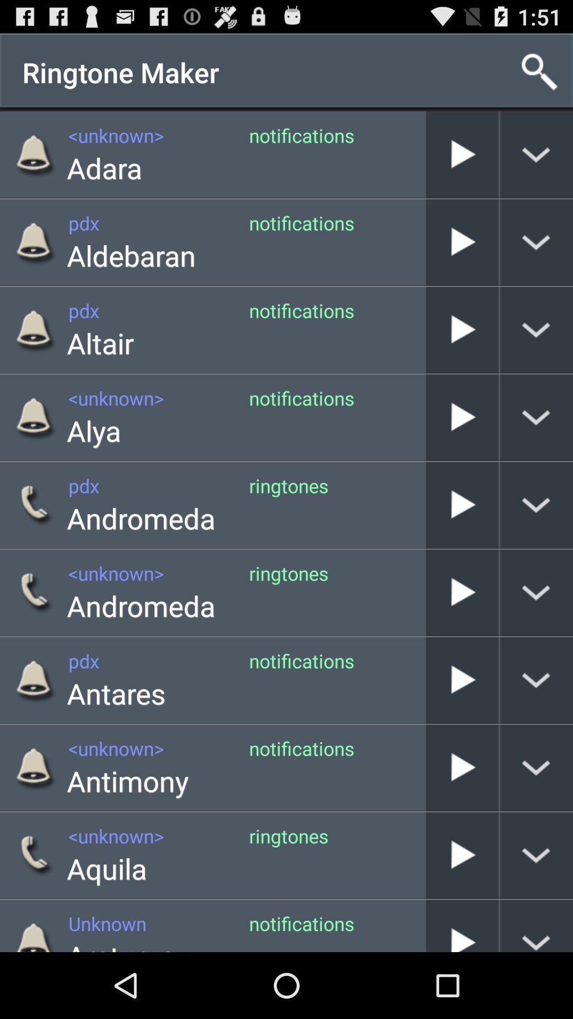  Describe the element at coordinates (536, 241) in the screenshot. I see `expand info` at that location.